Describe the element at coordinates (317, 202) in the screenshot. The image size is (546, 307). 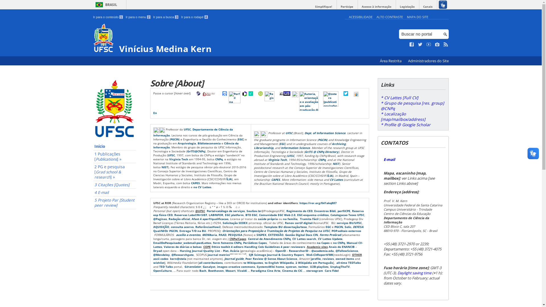
I see `'https://ror.org/041akq887'` at that location.